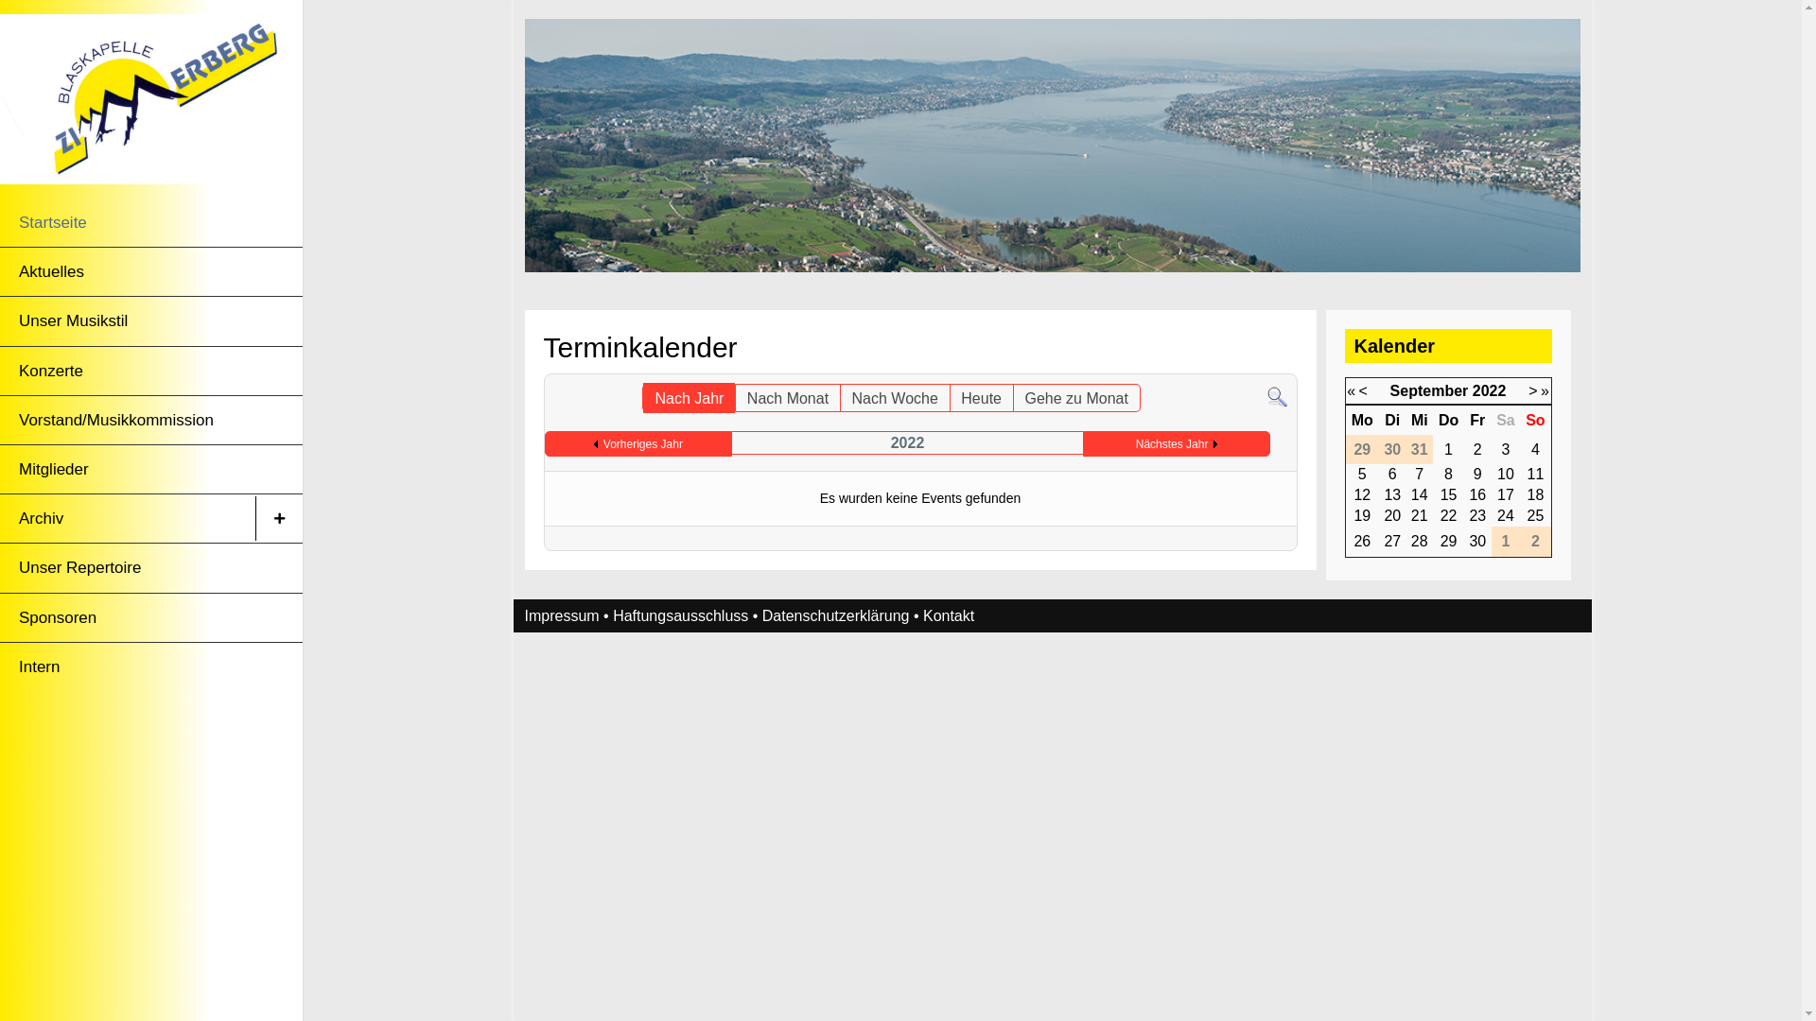  Describe the element at coordinates (1505, 493) in the screenshot. I see `'17'` at that location.